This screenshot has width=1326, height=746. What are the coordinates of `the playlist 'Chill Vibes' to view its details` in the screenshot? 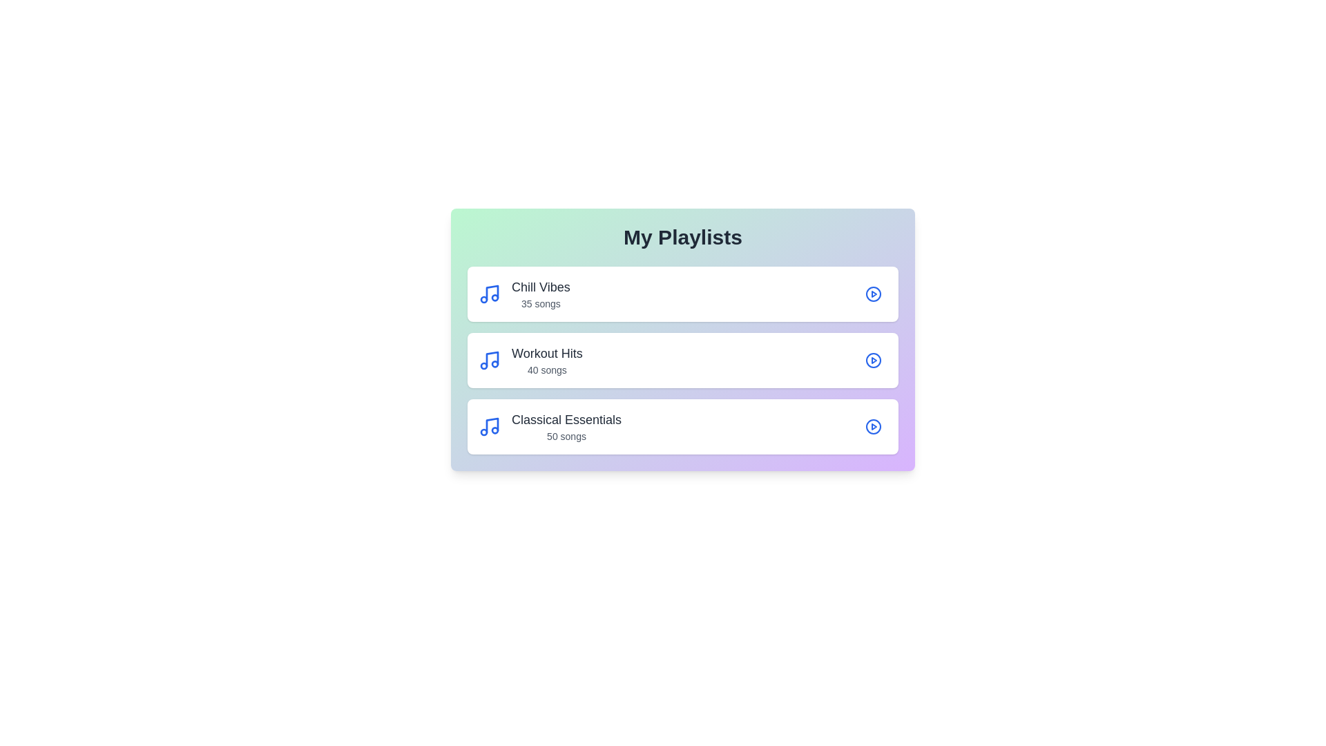 It's located at (682, 293).